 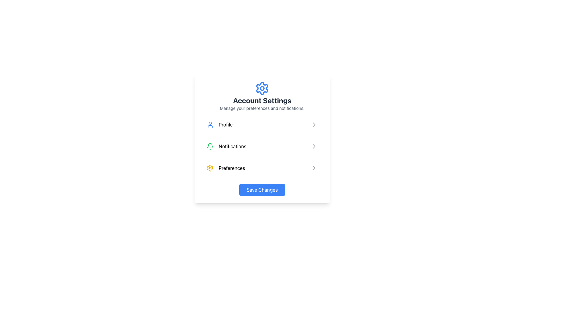 I want to click on the user profile icon, which is a blue outline of a person located next to the 'Profile' text in the 'Account Settings' menu, so click(x=210, y=124).